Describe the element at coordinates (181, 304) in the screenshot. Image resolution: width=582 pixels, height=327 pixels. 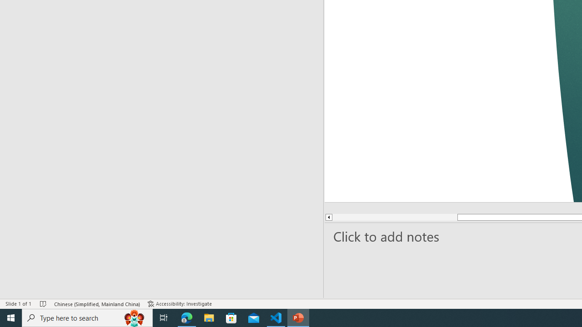
I see `'Accessibility Checker Accessibility: Investigate'` at that location.